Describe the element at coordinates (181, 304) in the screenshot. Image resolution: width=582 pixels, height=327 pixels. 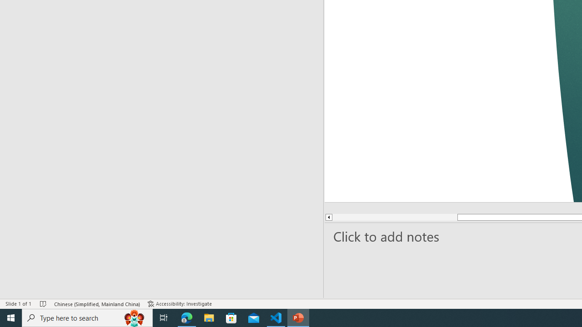
I see `'Accessibility Checker Accessibility: Investigate'` at that location.